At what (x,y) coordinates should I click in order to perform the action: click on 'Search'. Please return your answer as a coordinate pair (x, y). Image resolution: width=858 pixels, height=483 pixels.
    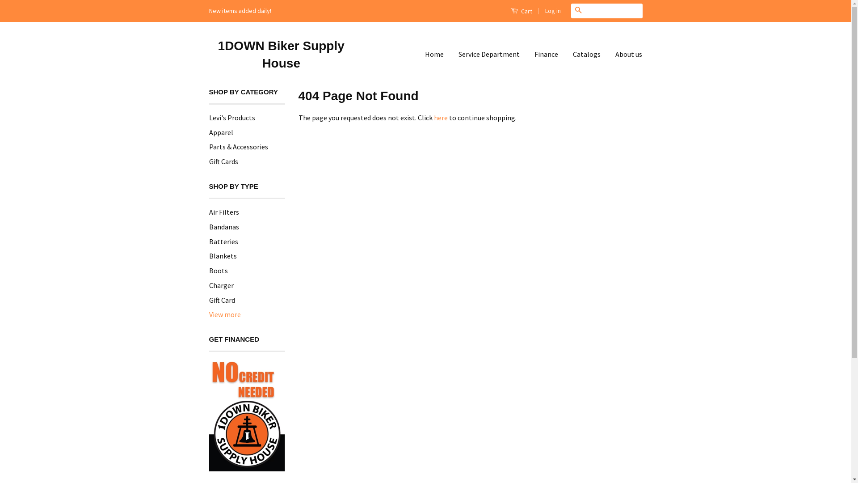
    Looking at the image, I should click on (578, 11).